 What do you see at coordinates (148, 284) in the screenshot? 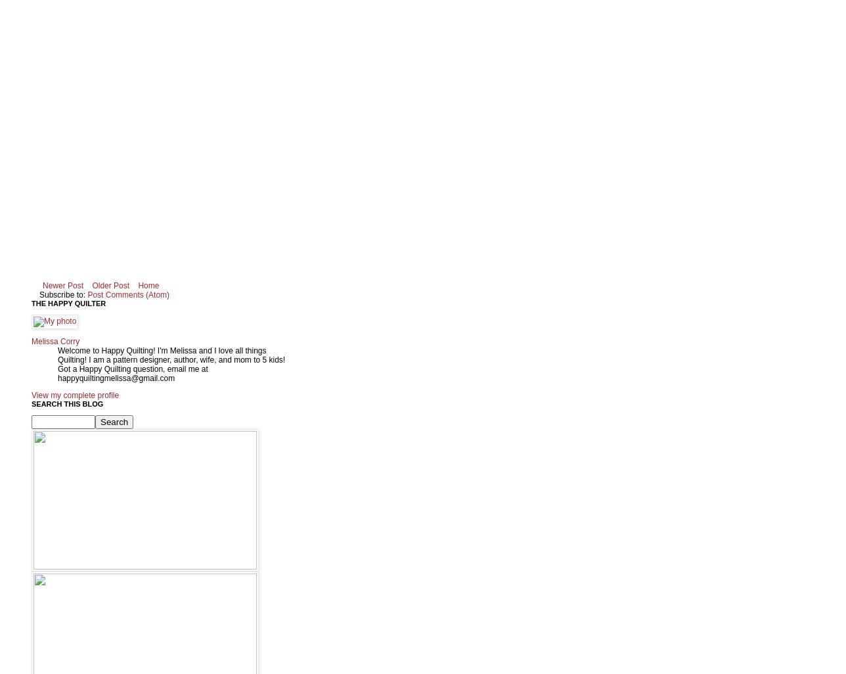
I see `'Home'` at bounding box center [148, 284].